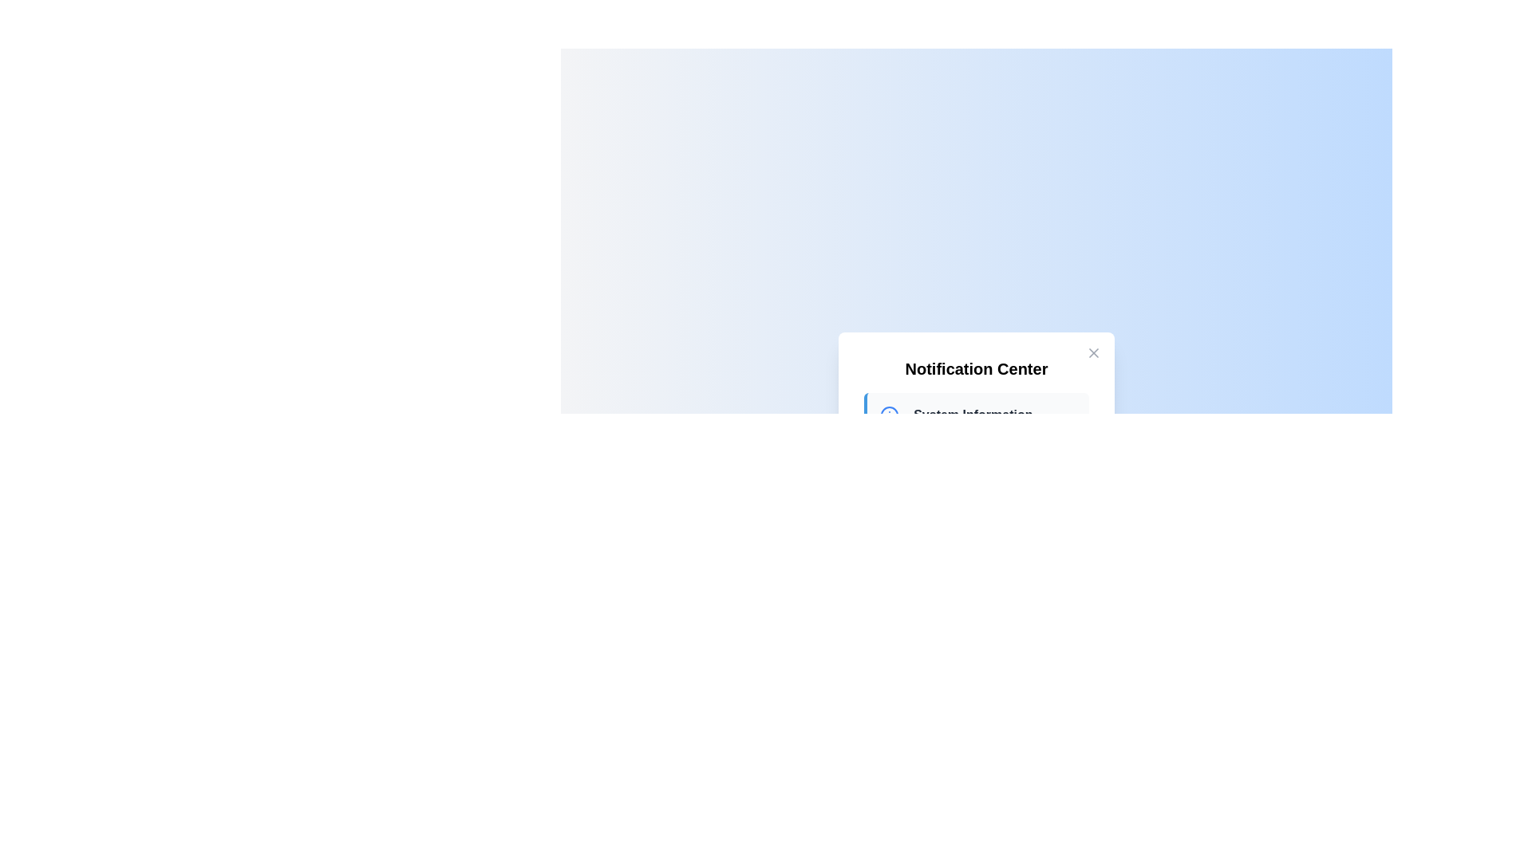 Image resolution: width=1532 pixels, height=861 pixels. Describe the element at coordinates (888, 414) in the screenshot. I see `the blue circular icon with an exclamation mark located to the left of the text 'System Information' in the notification panel` at that location.